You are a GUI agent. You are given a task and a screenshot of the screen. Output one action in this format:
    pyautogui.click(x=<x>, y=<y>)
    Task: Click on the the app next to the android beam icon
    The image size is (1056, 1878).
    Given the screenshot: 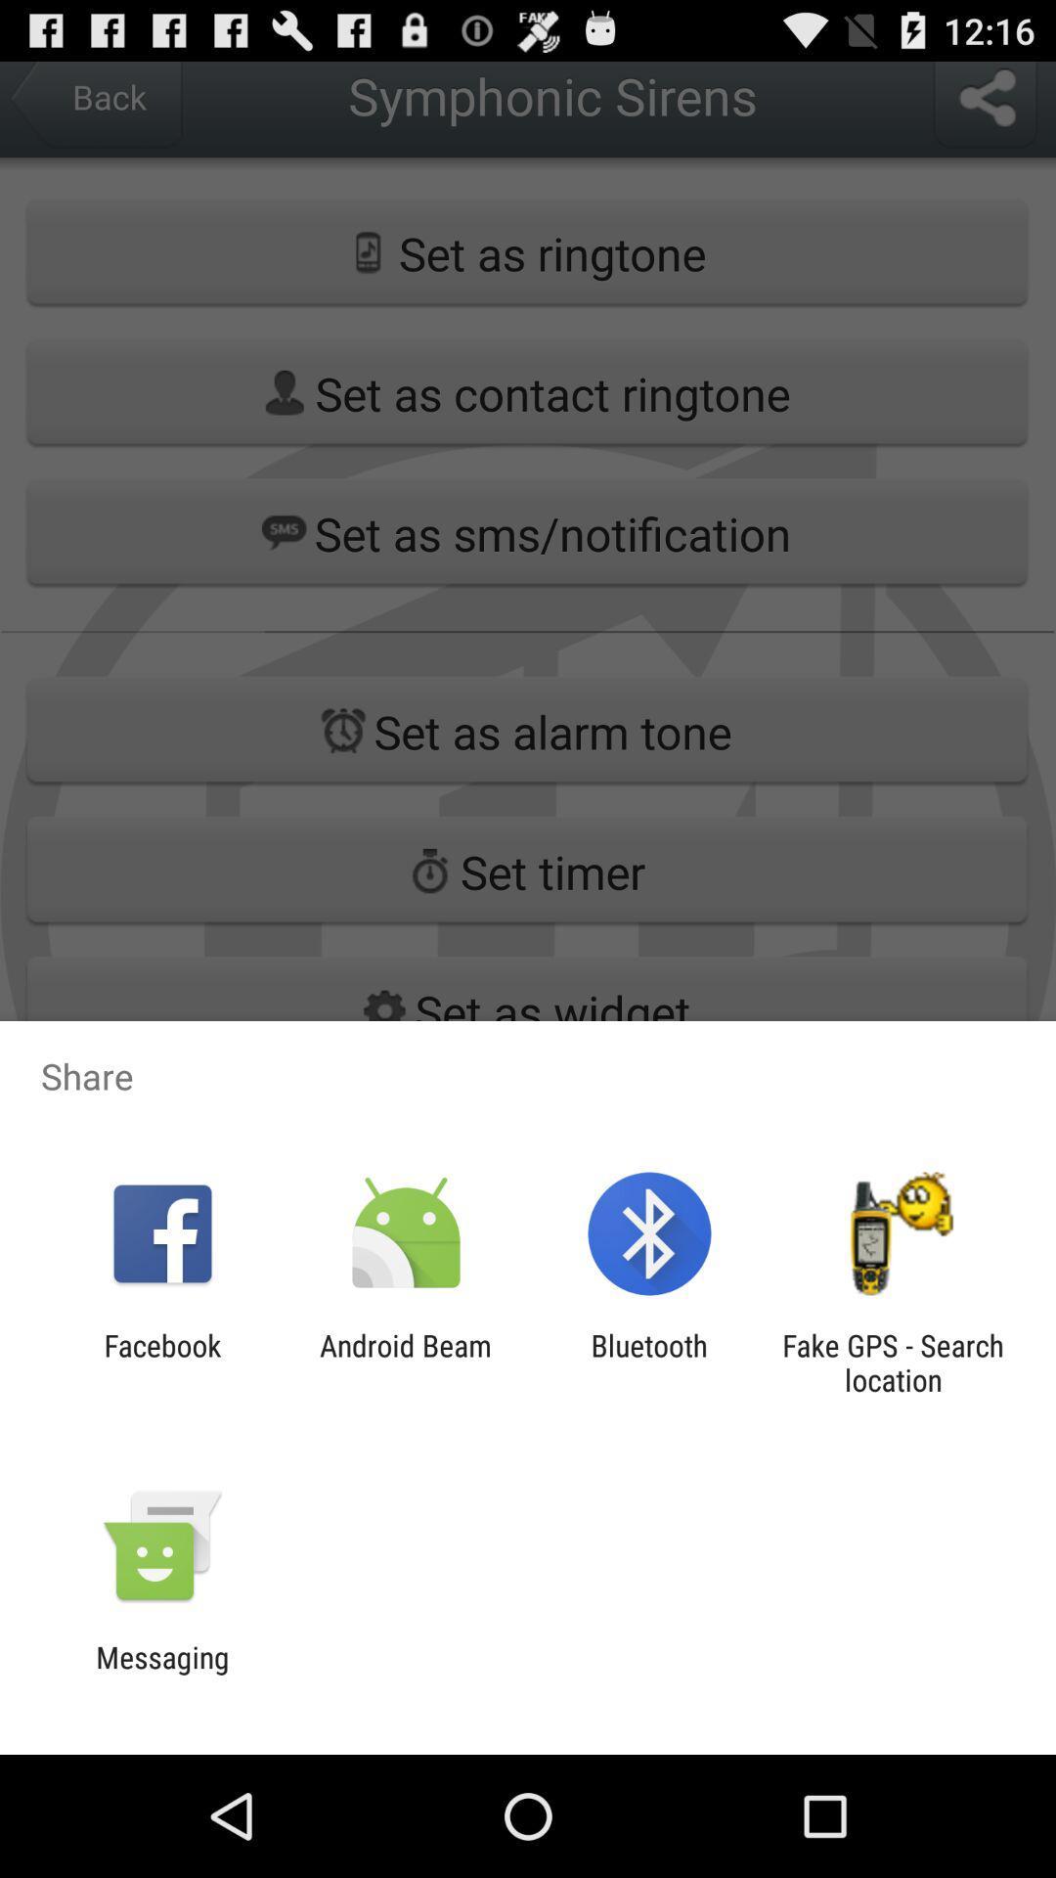 What is the action you would take?
    pyautogui.click(x=649, y=1362)
    